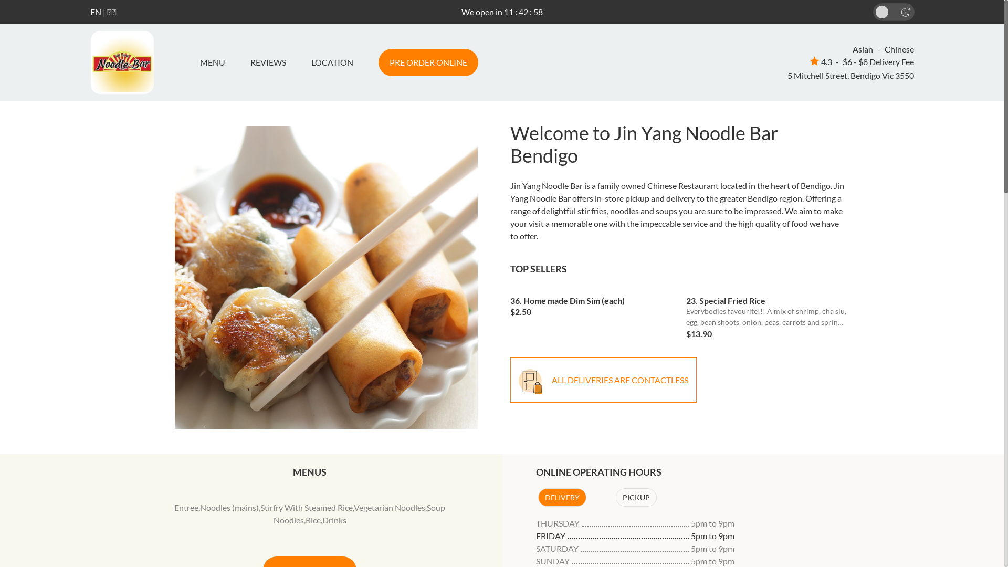  I want to click on 'EN', so click(96, 12).